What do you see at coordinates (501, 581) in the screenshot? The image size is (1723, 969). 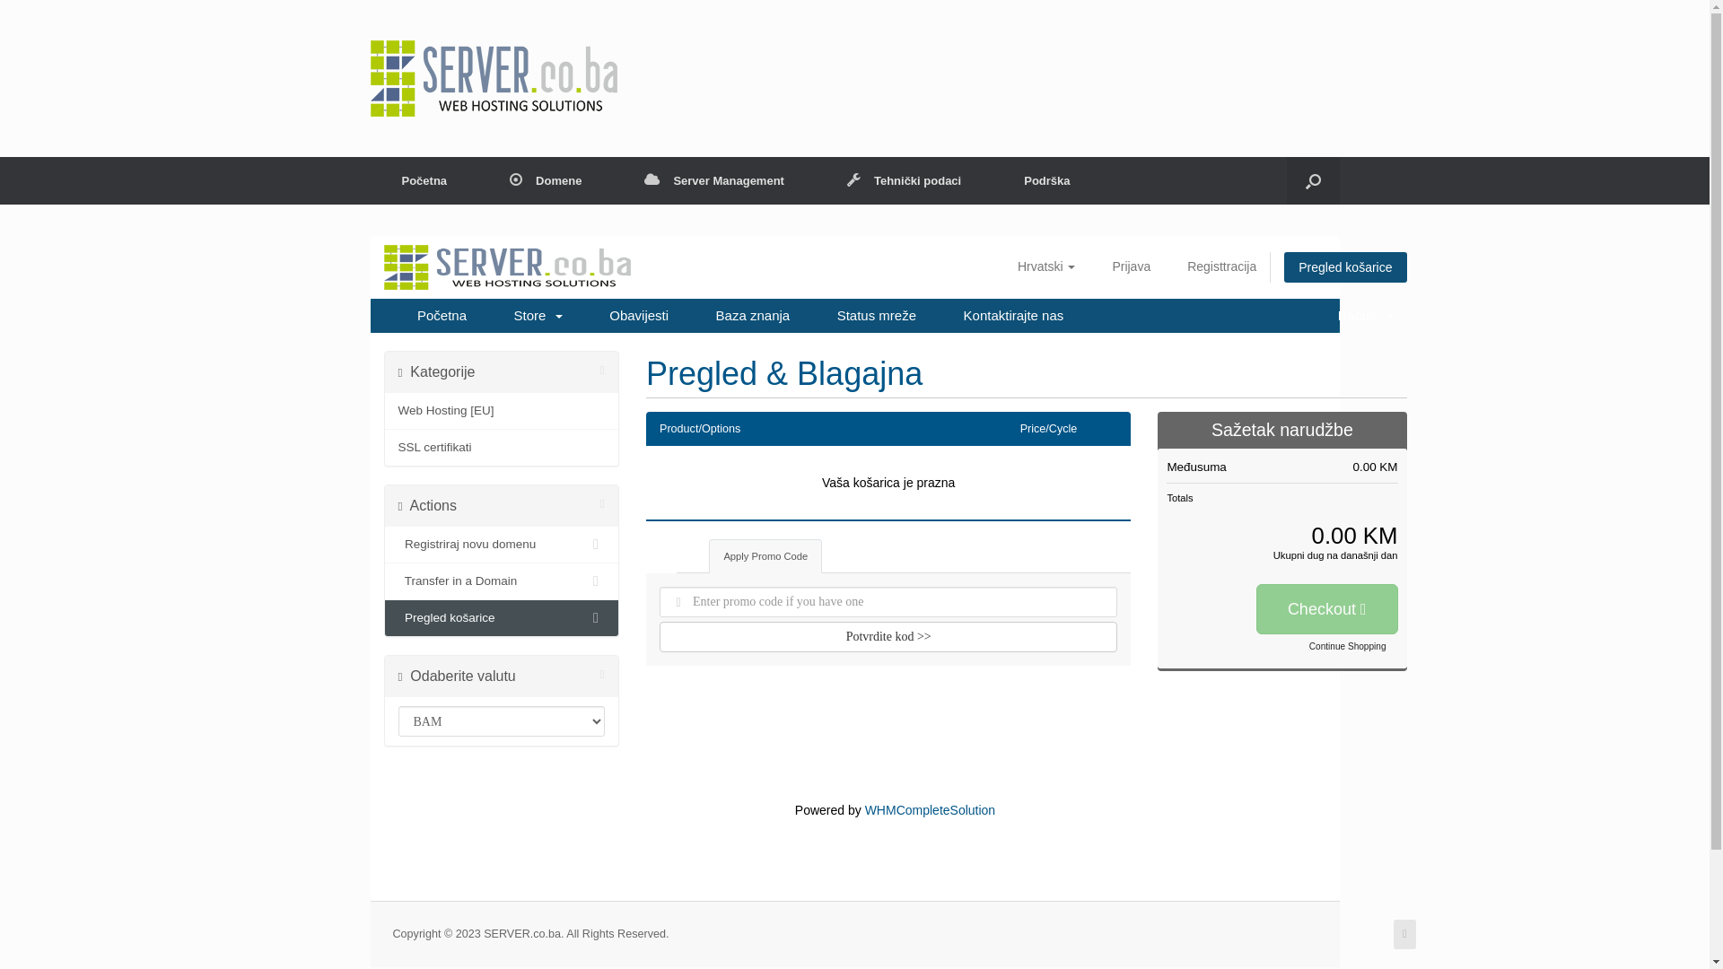 I see `'  Transfer in a Domain'` at bounding box center [501, 581].